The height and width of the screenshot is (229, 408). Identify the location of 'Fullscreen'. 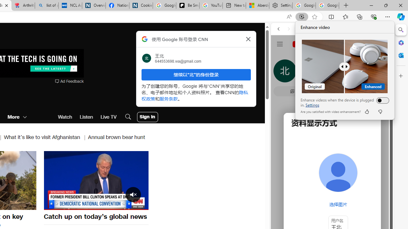
(139, 205).